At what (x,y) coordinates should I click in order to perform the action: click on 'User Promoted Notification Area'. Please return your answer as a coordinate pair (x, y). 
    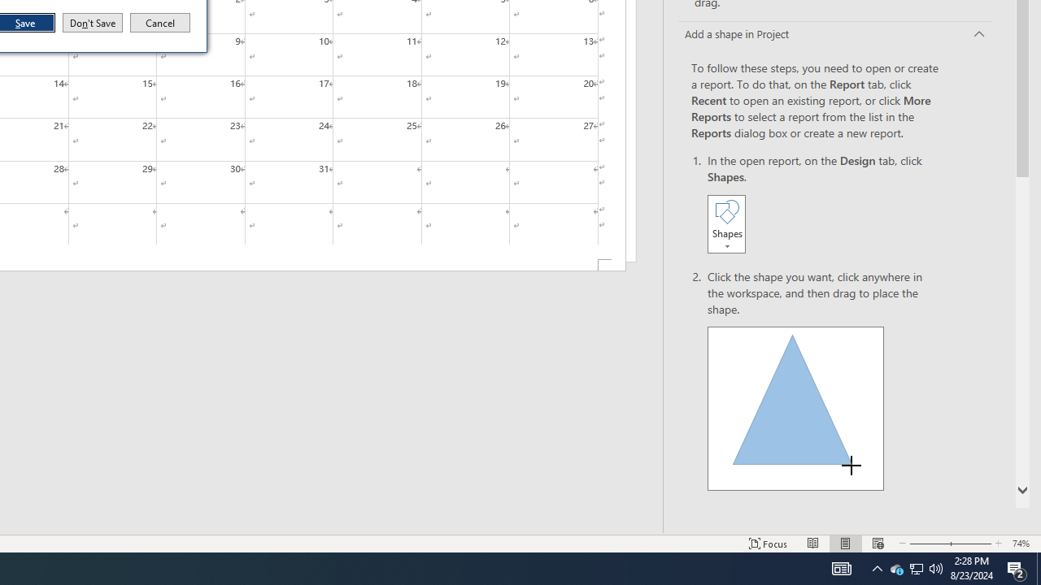
    Looking at the image, I should click on (877, 567).